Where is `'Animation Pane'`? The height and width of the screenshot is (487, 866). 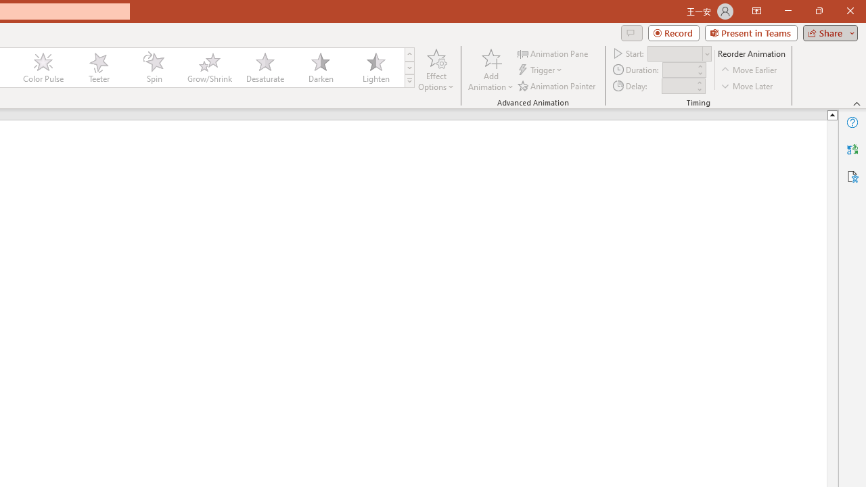
'Animation Pane' is located at coordinates (553, 53).